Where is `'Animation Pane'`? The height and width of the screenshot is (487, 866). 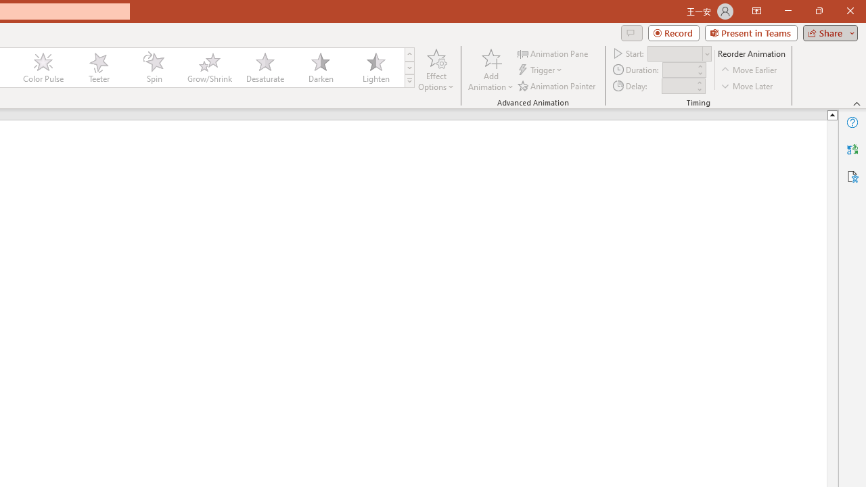
'Animation Pane' is located at coordinates (553, 53).